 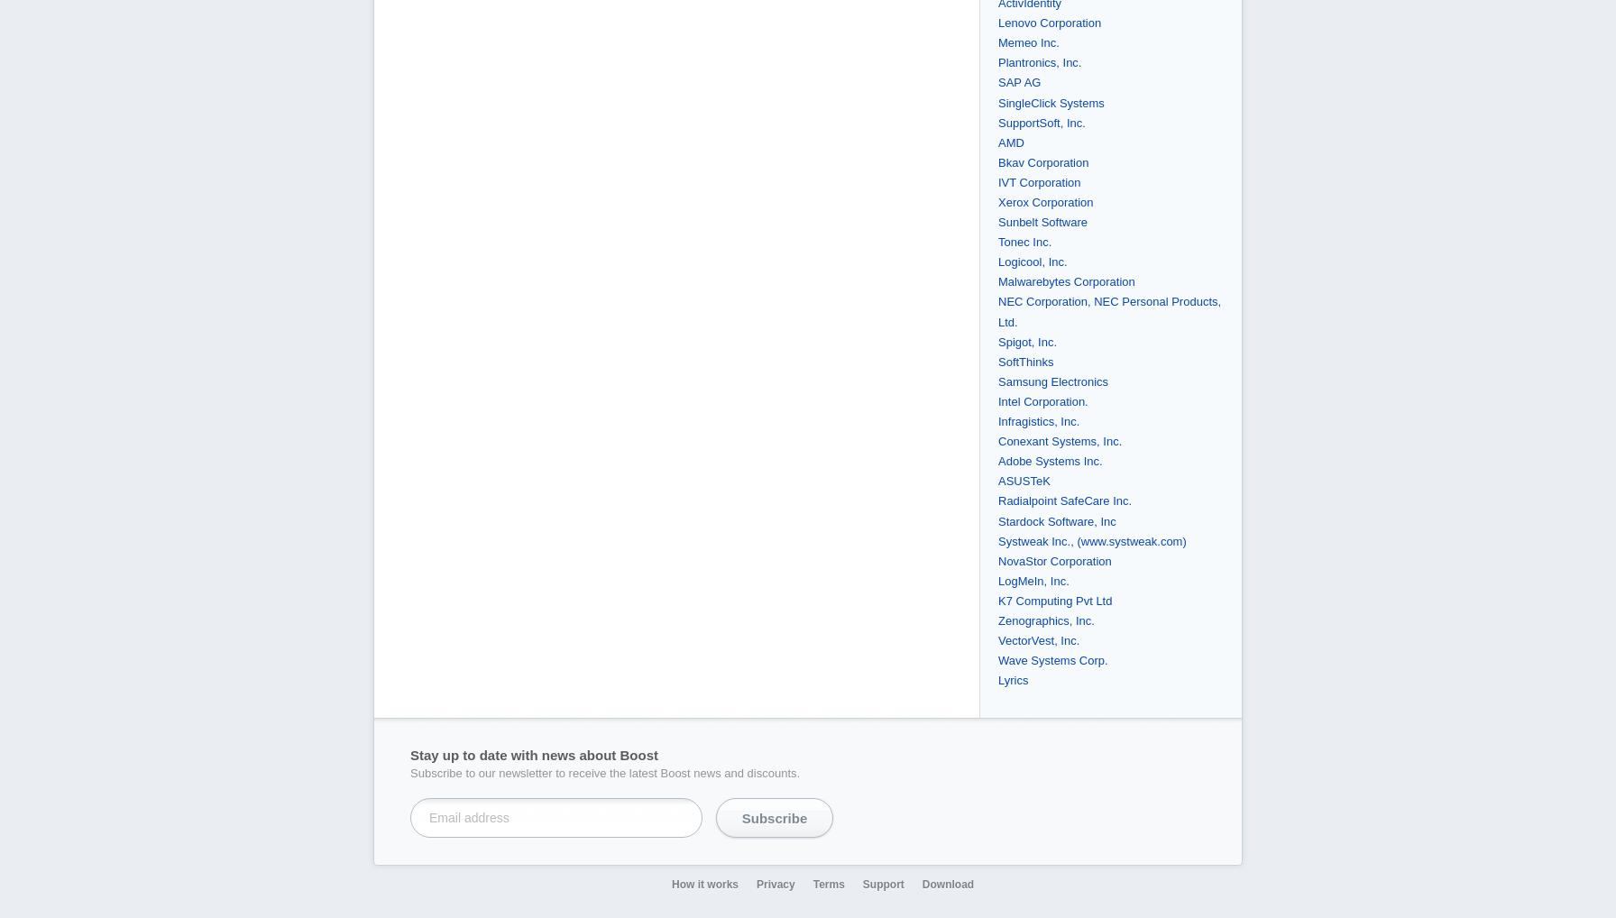 I want to click on 'Wave Systems Corp.', so click(x=1052, y=659).